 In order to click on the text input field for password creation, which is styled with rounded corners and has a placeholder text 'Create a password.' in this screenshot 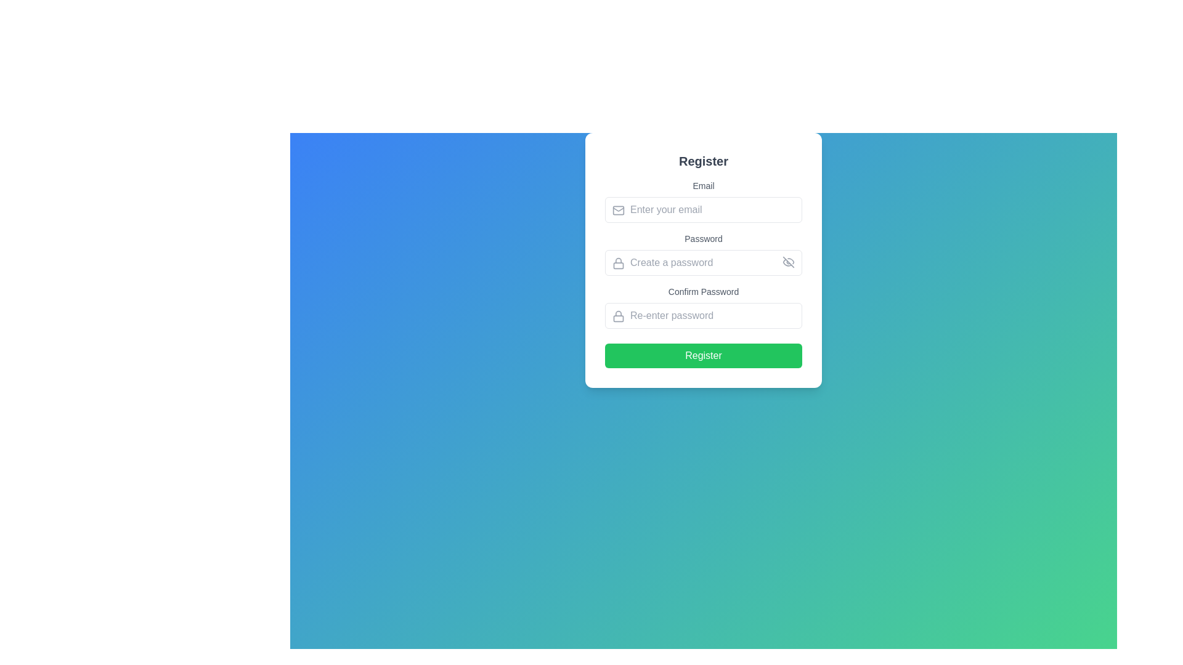, I will do `click(704, 262)`.